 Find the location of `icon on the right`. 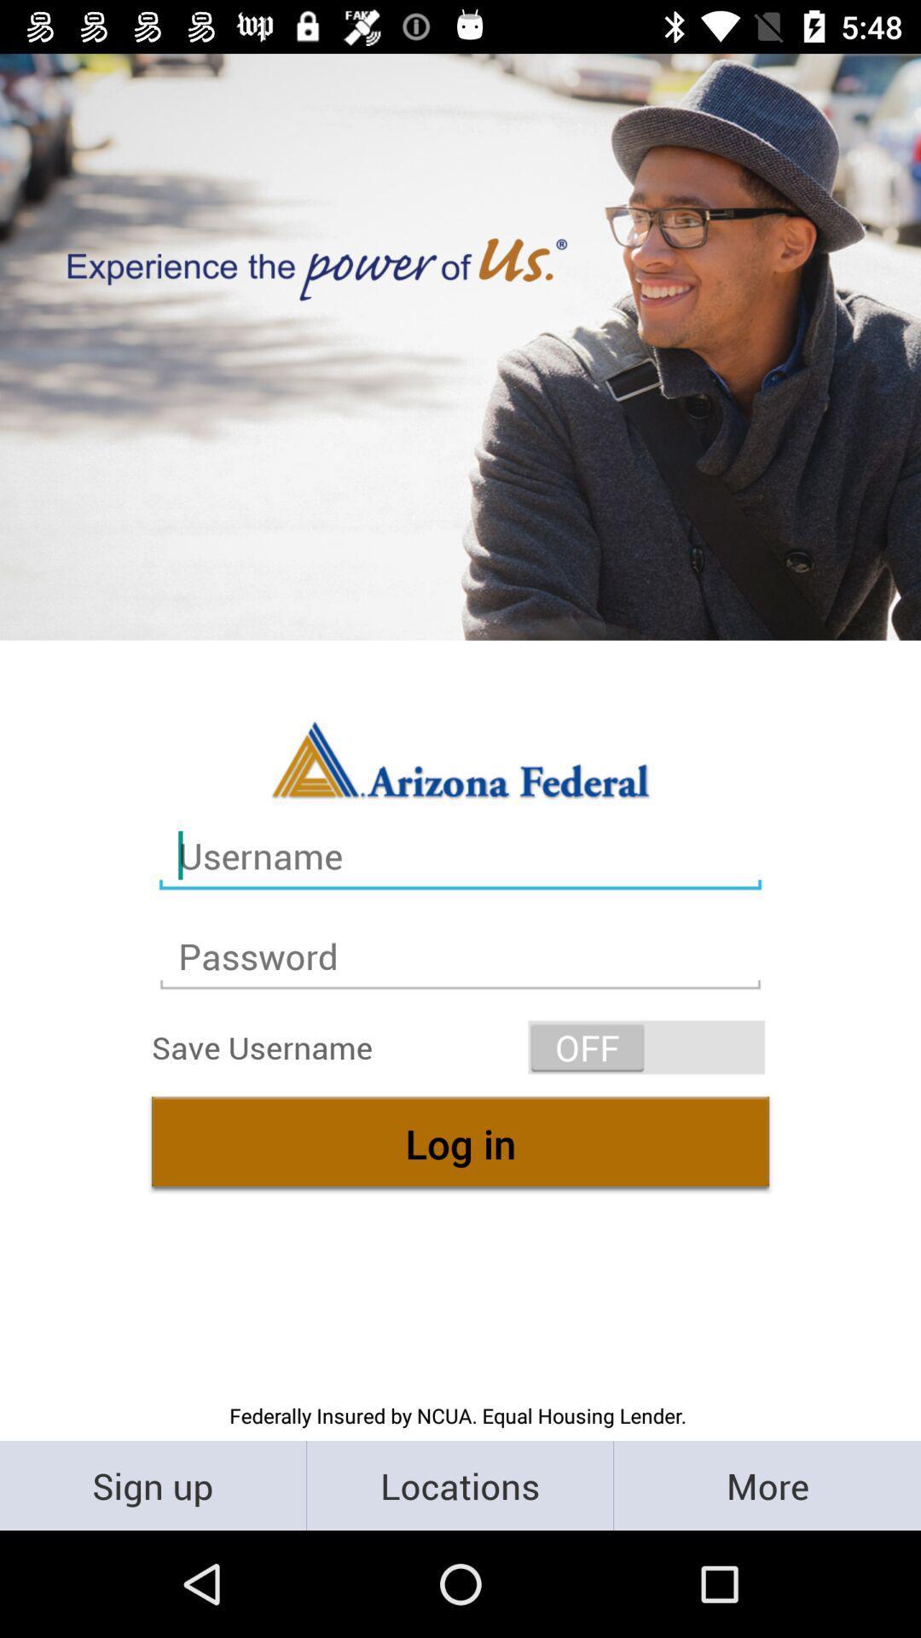

icon on the right is located at coordinates (646, 1046).